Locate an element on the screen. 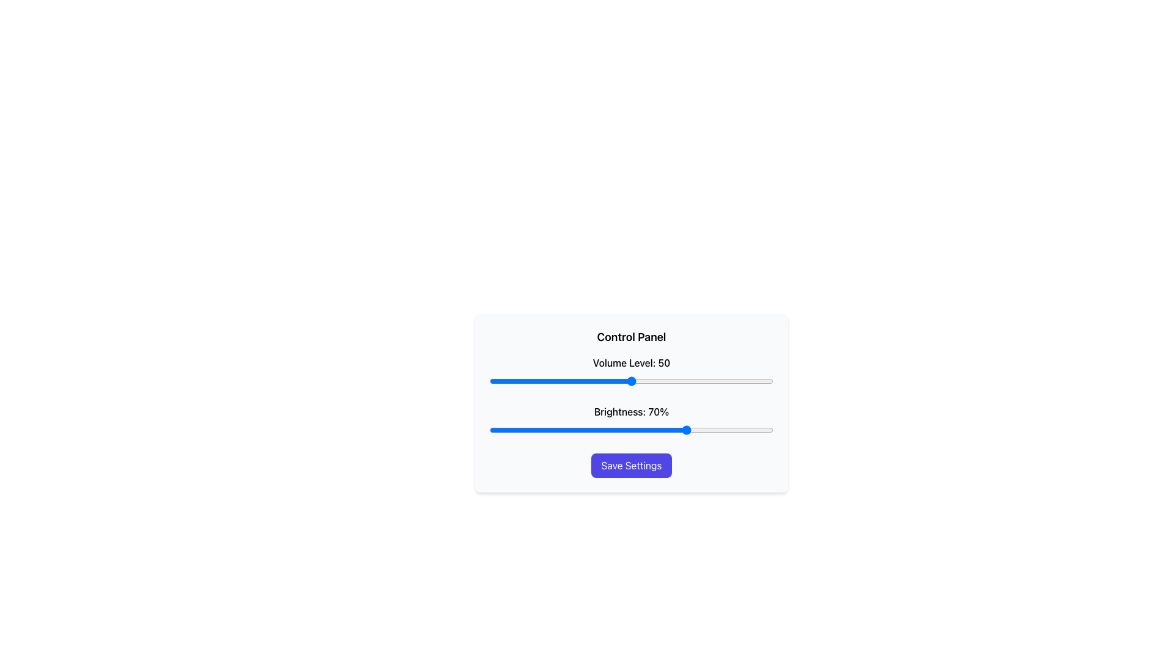 The height and width of the screenshot is (660, 1174). brightness is located at coordinates (734, 430).